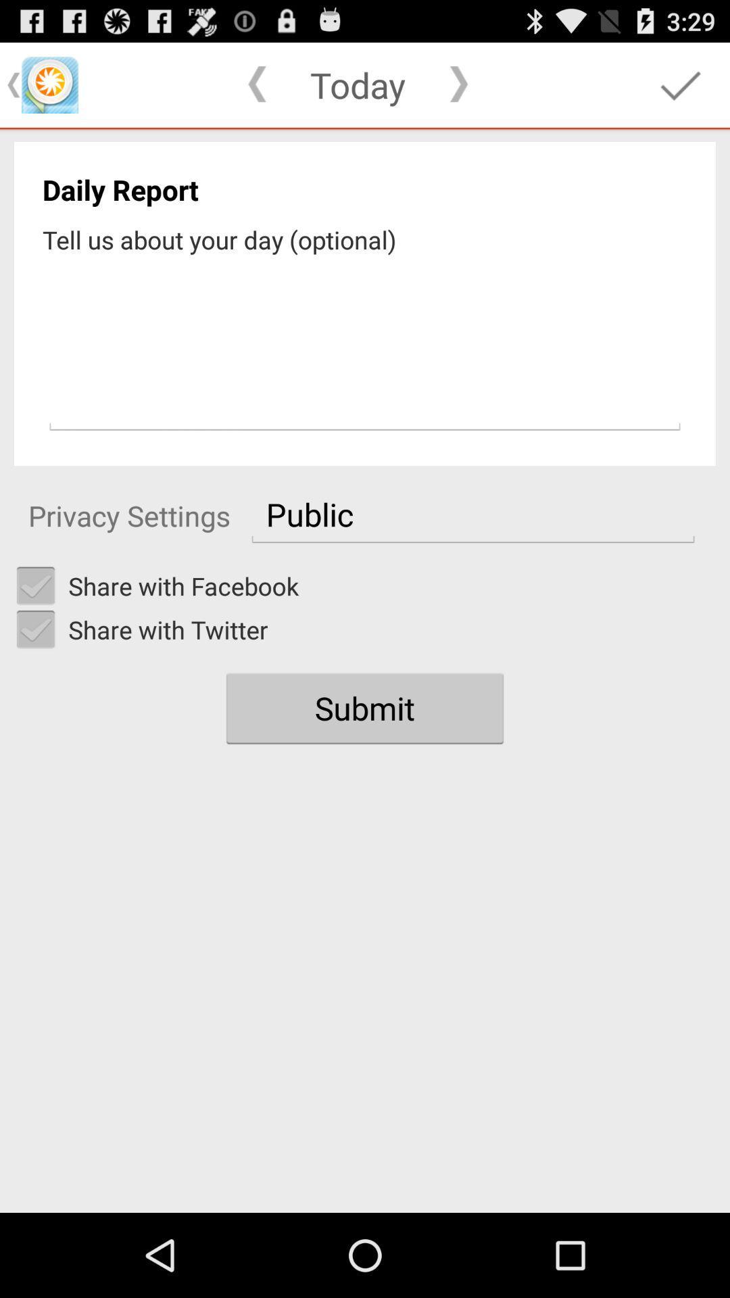  What do you see at coordinates (35, 586) in the screenshot?
I see `share with facebook` at bounding box center [35, 586].